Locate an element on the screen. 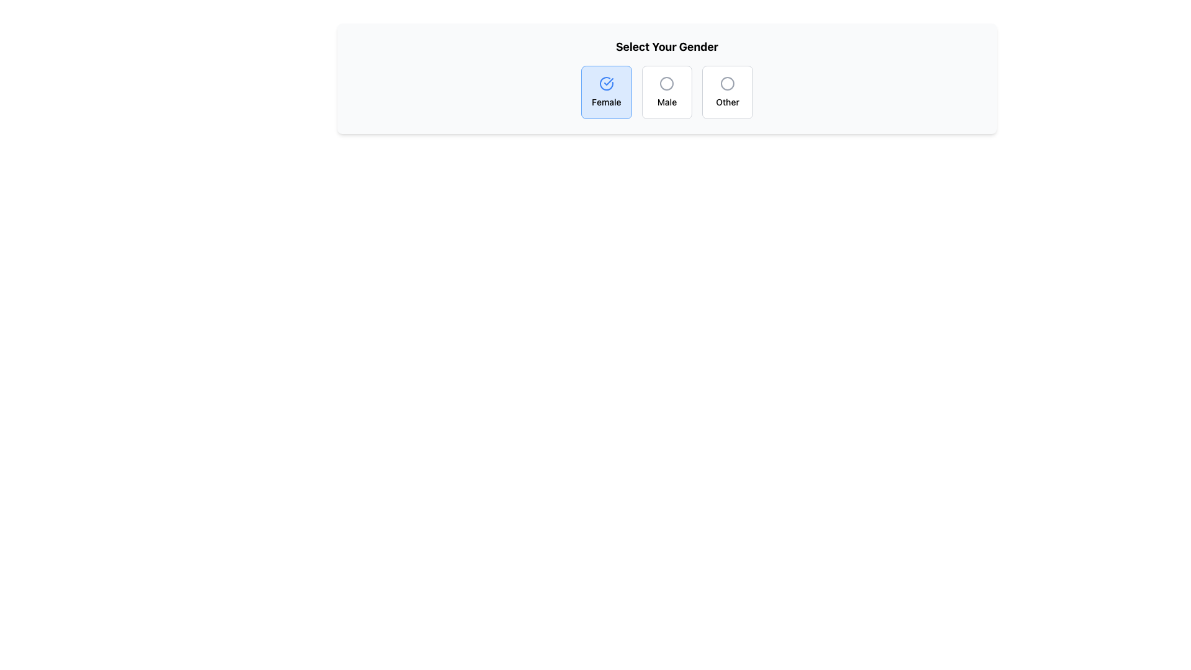 The image size is (1191, 670). the gray circle icon located above the 'Male' label in the selection option interface is located at coordinates (666, 84).